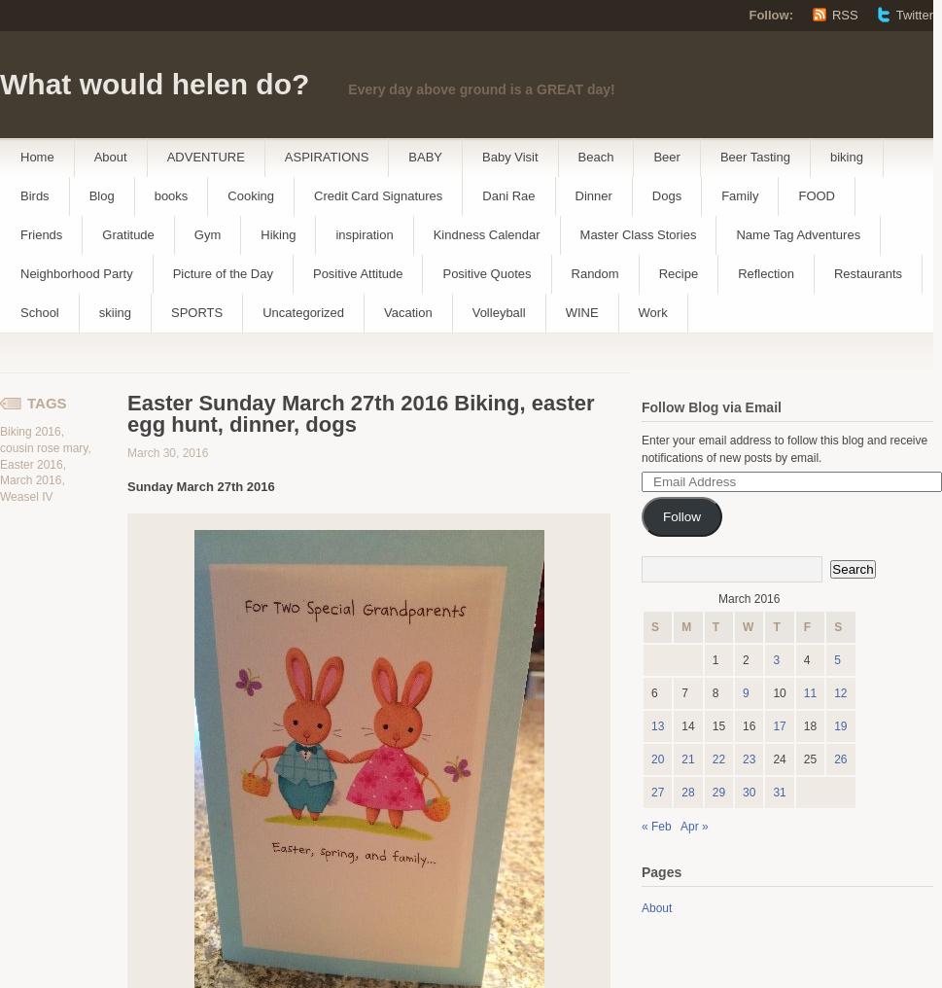 Image resolution: width=942 pixels, height=988 pixels. Describe the element at coordinates (652, 693) in the screenshot. I see `'6'` at that location.